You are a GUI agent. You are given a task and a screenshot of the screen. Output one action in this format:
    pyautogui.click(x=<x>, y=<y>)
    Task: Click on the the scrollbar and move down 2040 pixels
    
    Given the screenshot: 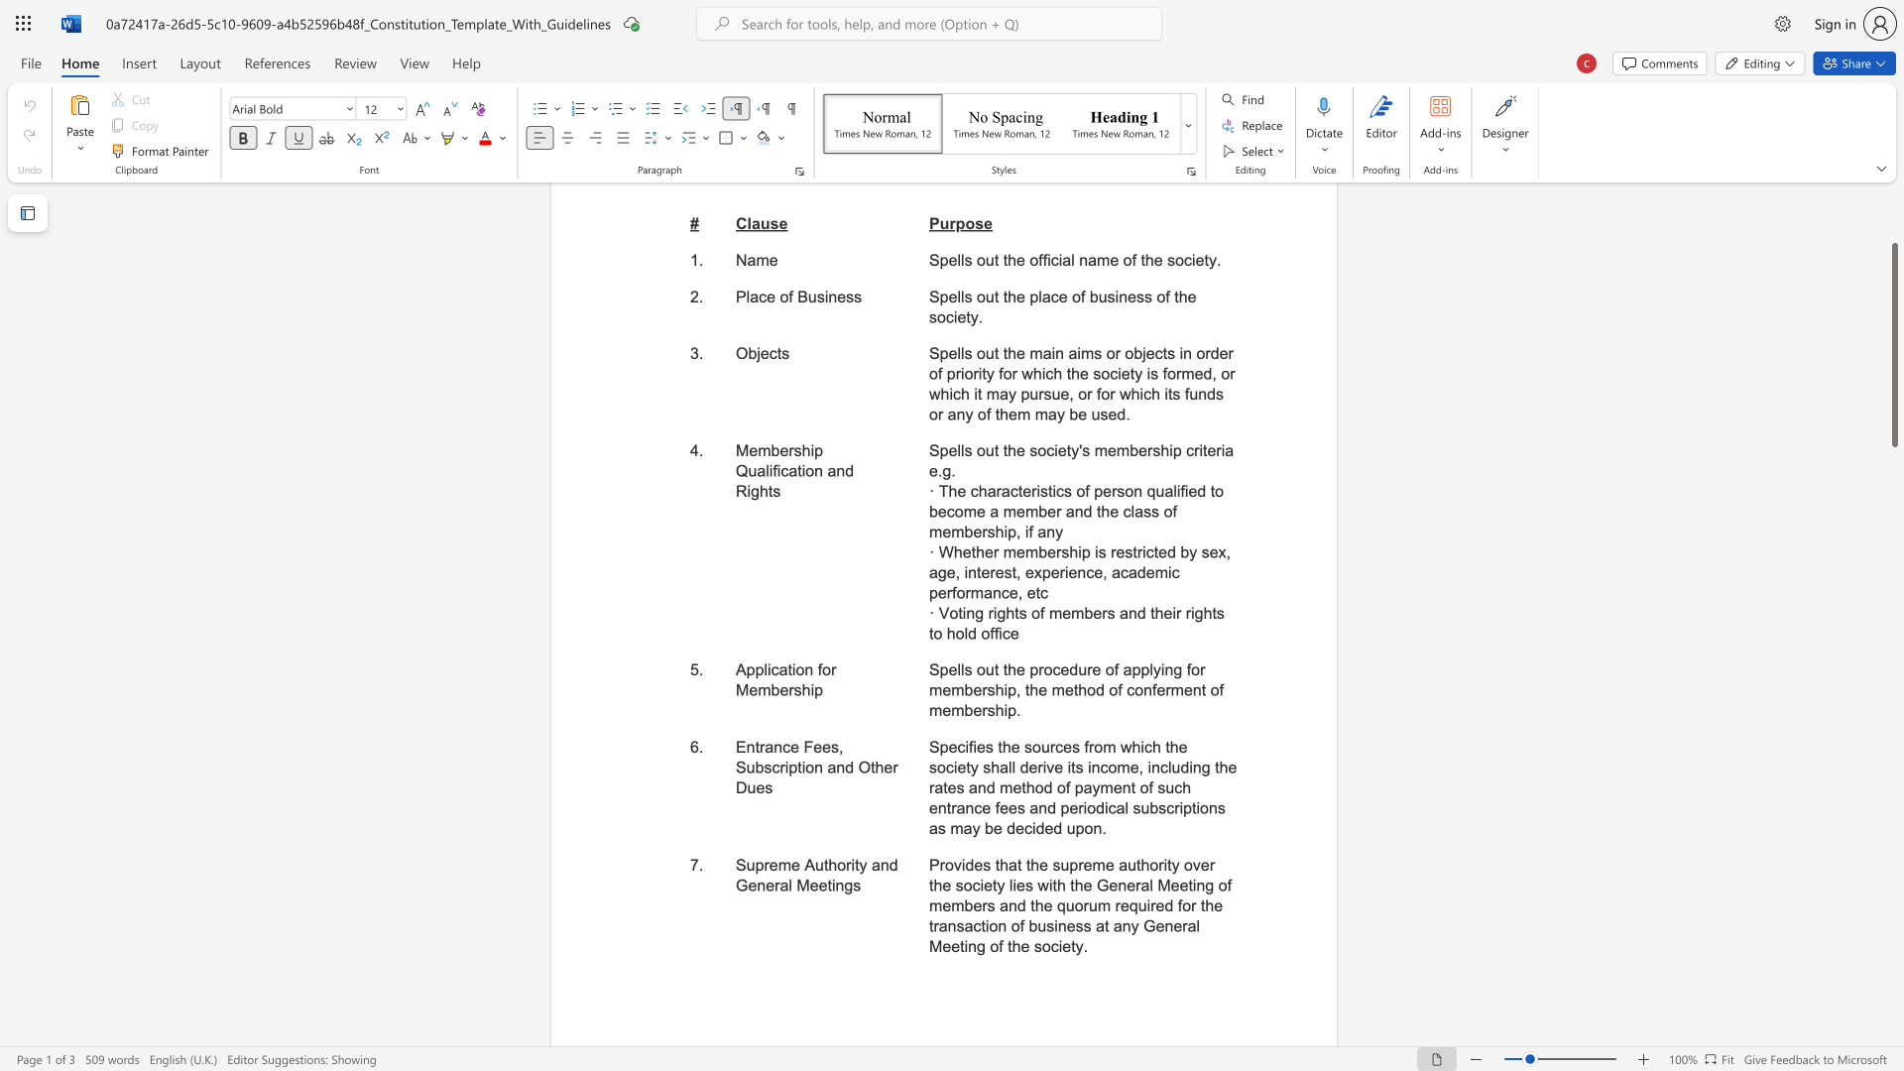 What is the action you would take?
    pyautogui.click(x=1893, y=344)
    